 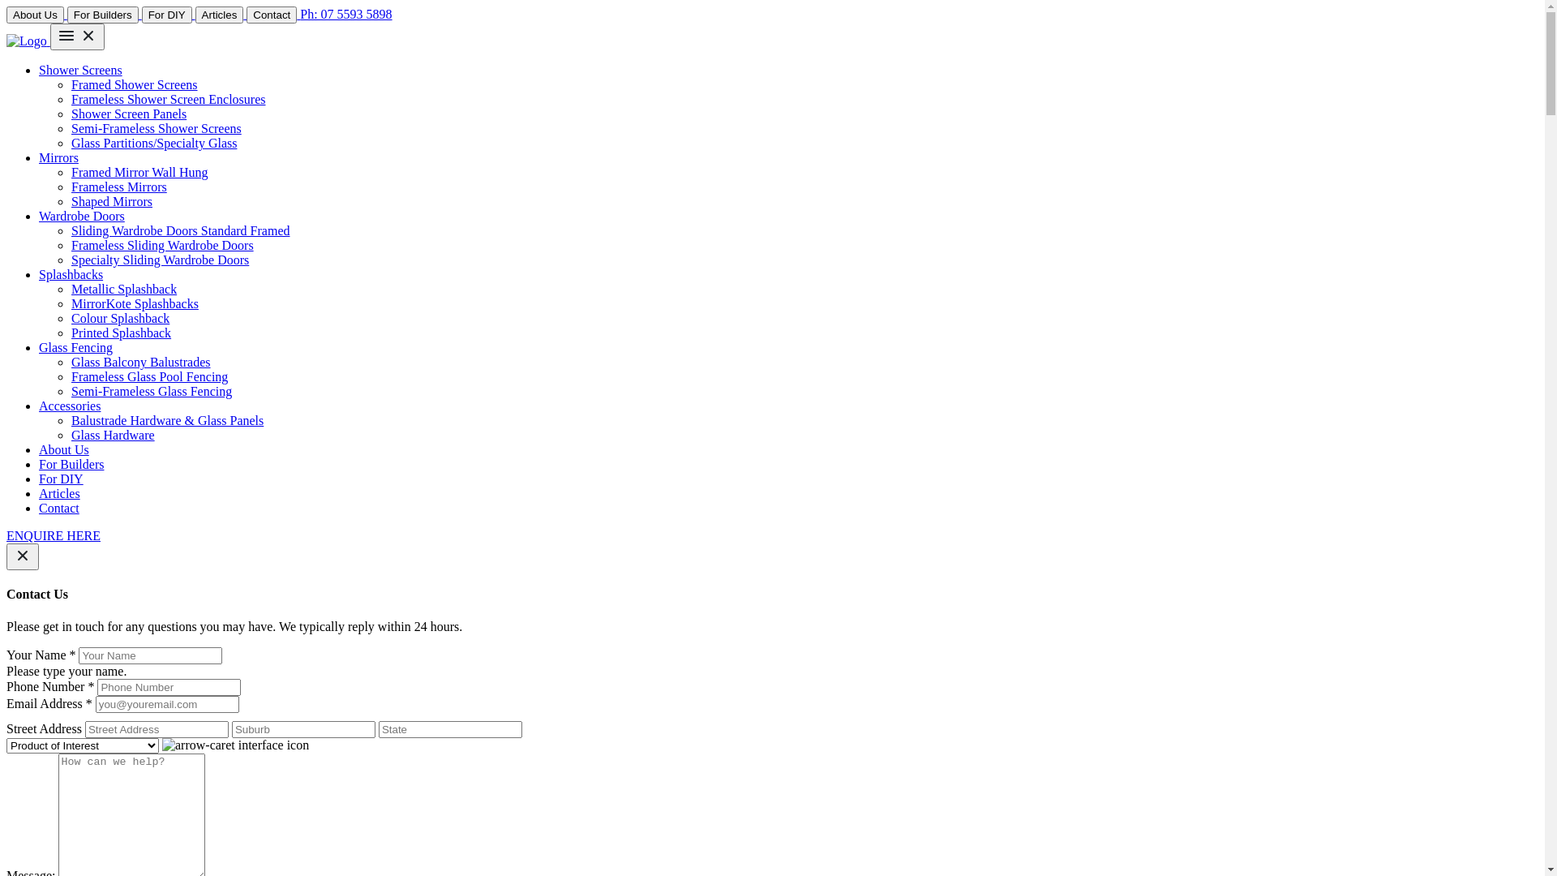 I want to click on 'Glass Partitions/Specialty Glass', so click(x=154, y=142).